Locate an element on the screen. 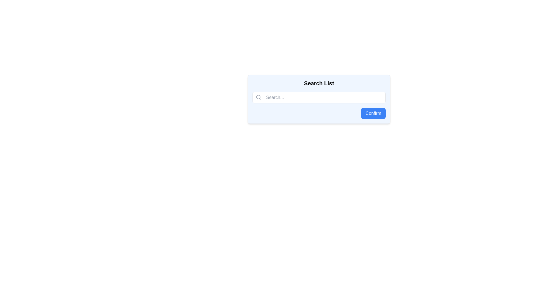 Image resolution: width=535 pixels, height=301 pixels. to select content within the search input field located below the 'Search List' heading and above the 'Confirm' button, identified by its placeholder text and magnifying glass icon is located at coordinates (319, 97).